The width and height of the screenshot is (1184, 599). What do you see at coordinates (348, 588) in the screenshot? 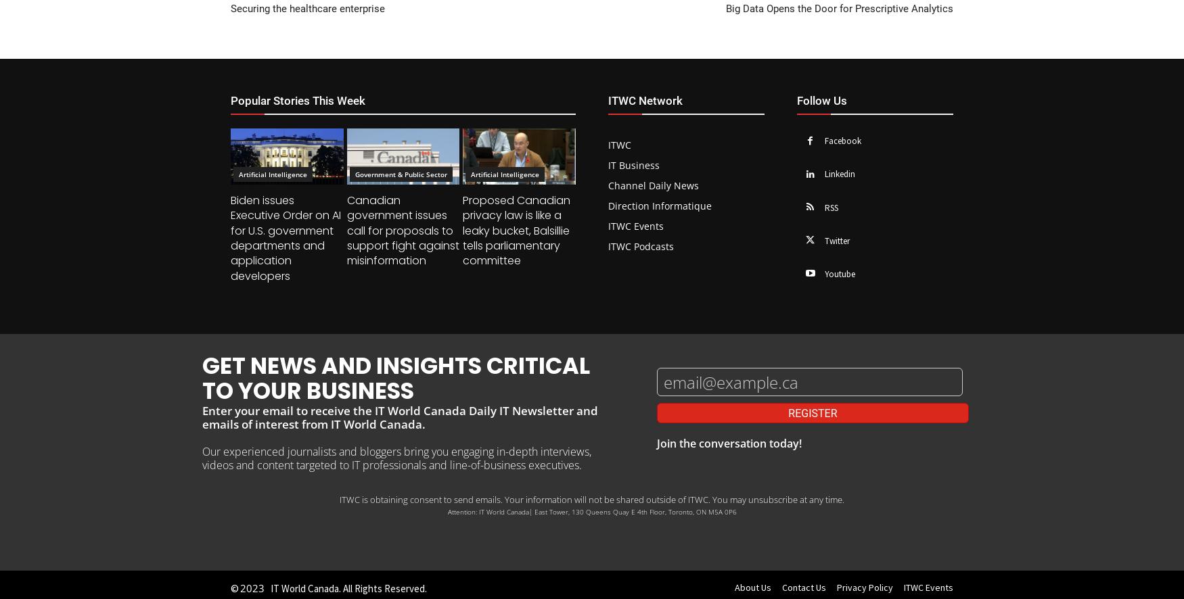
I see `'IT World Canada. All Rights Reserved.'` at bounding box center [348, 588].